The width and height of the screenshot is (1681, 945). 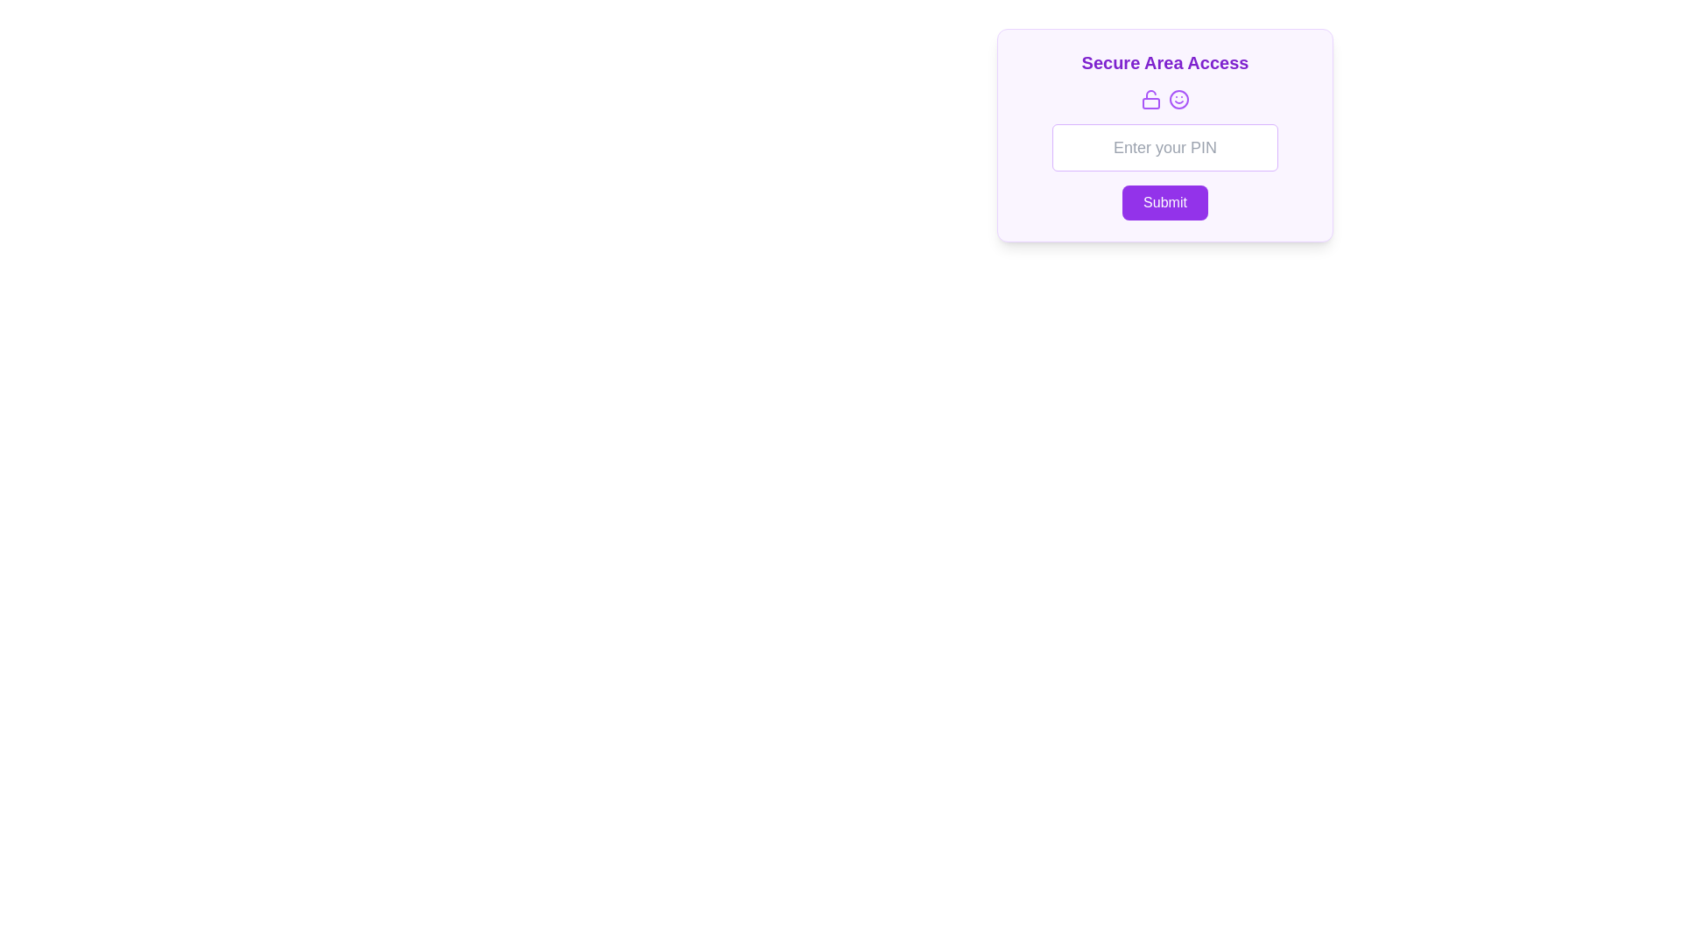 I want to click on the Password Input Field, so click(x=1164, y=134).